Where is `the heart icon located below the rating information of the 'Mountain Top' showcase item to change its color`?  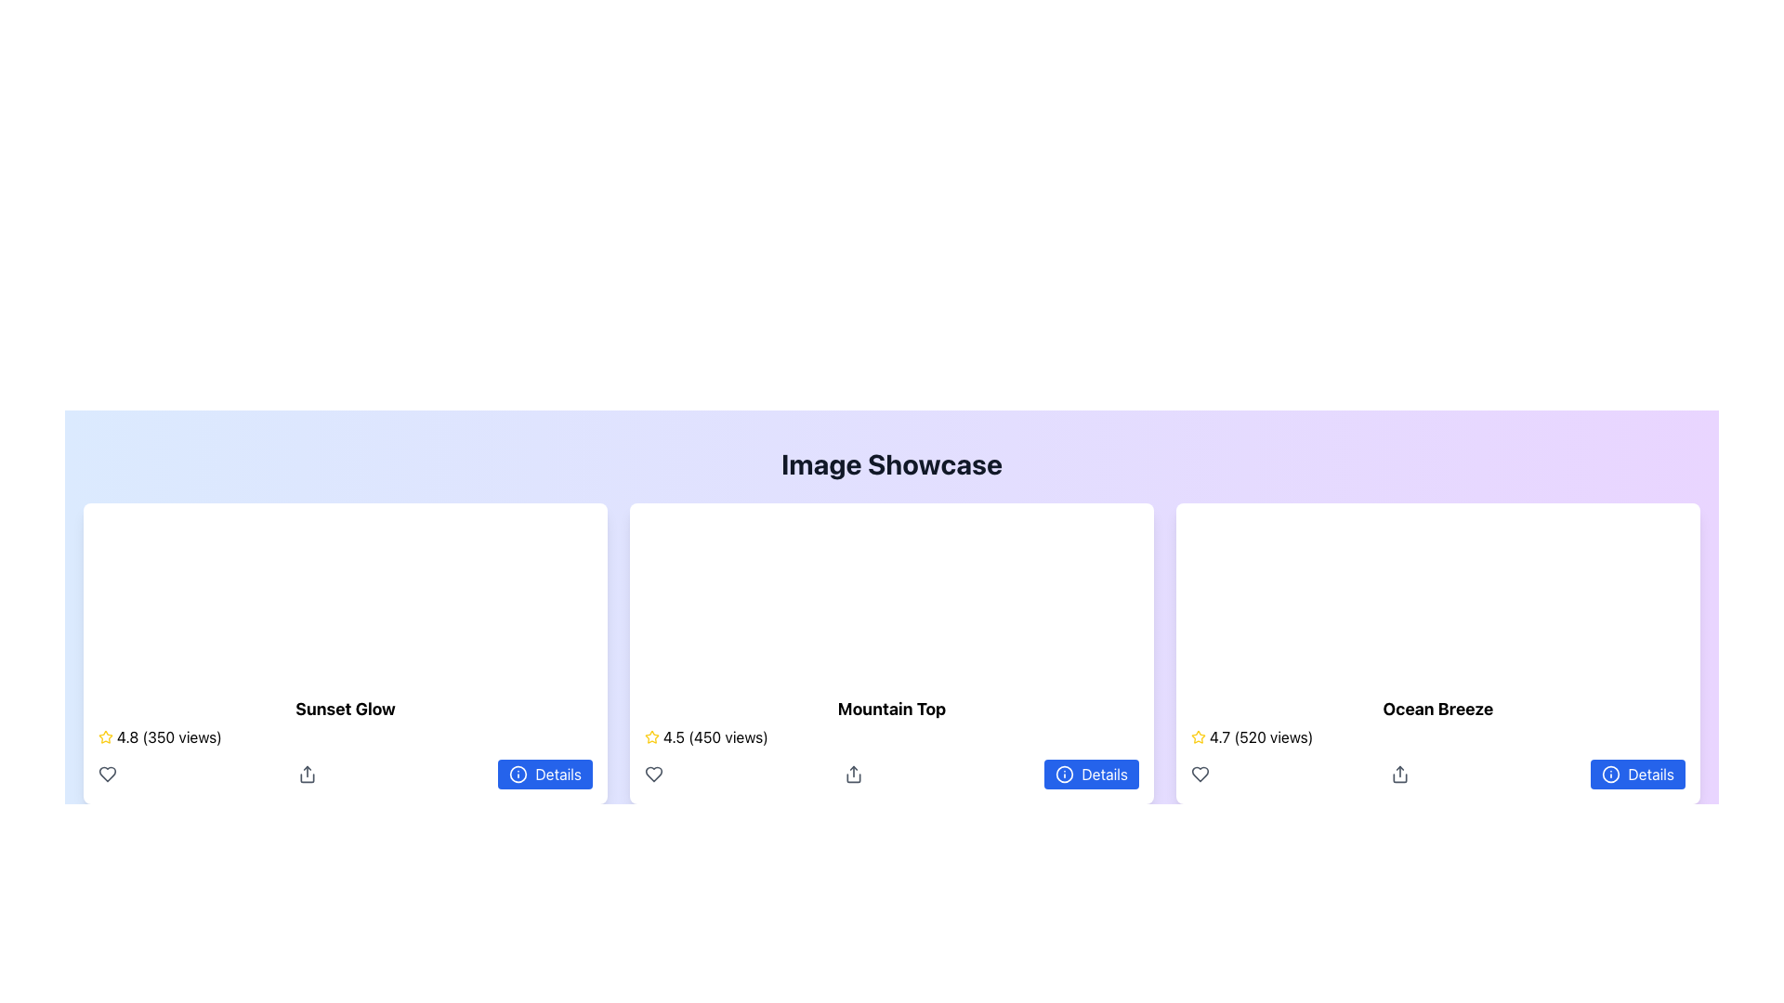
the heart icon located below the rating information of the 'Mountain Top' showcase item to change its color is located at coordinates (654, 774).